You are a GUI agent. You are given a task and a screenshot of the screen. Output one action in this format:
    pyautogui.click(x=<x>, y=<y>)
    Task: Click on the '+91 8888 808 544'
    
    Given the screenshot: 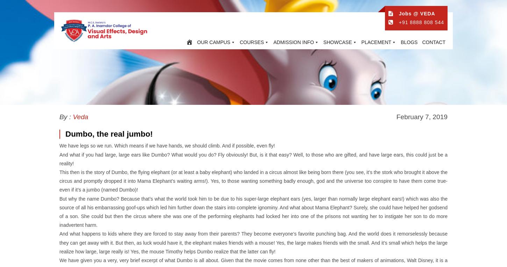 What is the action you would take?
    pyautogui.click(x=398, y=22)
    